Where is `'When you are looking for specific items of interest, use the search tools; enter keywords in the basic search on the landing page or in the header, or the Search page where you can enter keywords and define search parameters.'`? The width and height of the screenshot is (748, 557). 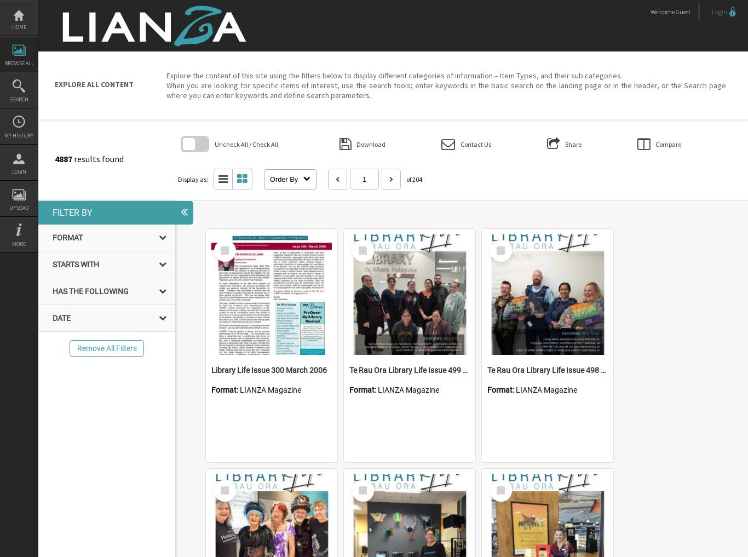 'When you are looking for specific items of interest, use the search tools; enter keywords in the basic search on the landing page or in the header, or the Search page where you can enter keywords and define search parameters.' is located at coordinates (166, 89).